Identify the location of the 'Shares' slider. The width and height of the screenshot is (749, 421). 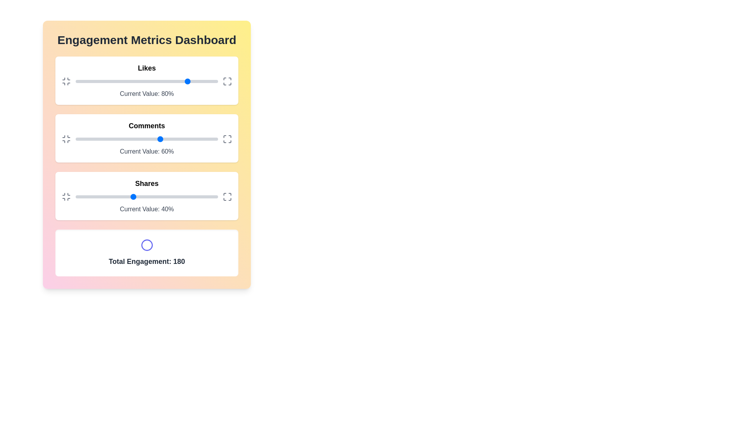
(208, 196).